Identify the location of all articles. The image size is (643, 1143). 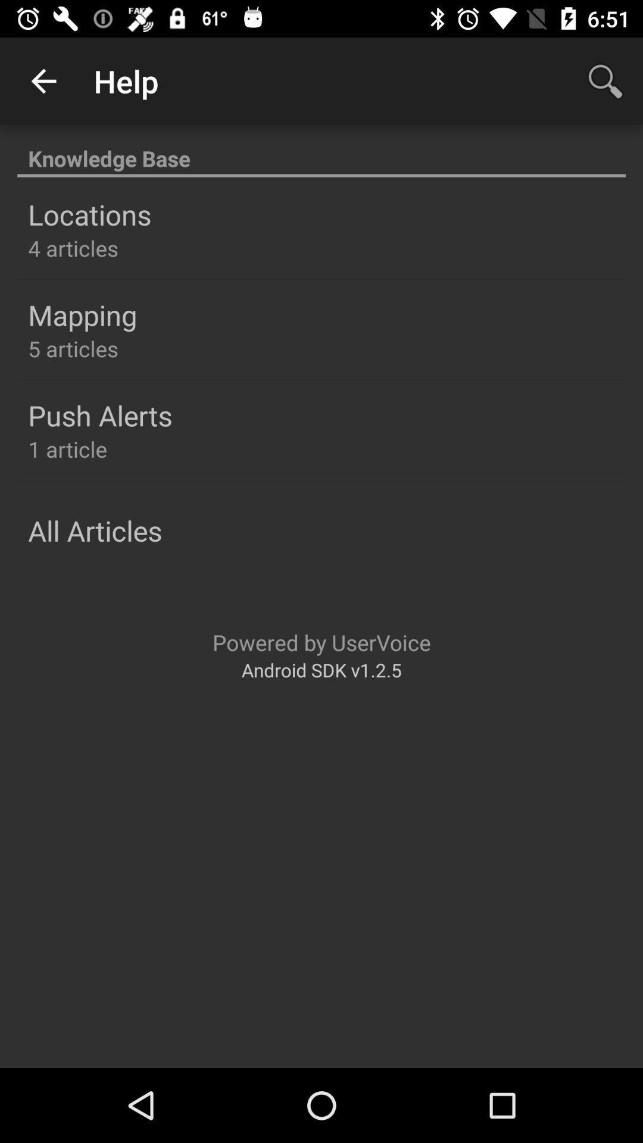
(94, 530).